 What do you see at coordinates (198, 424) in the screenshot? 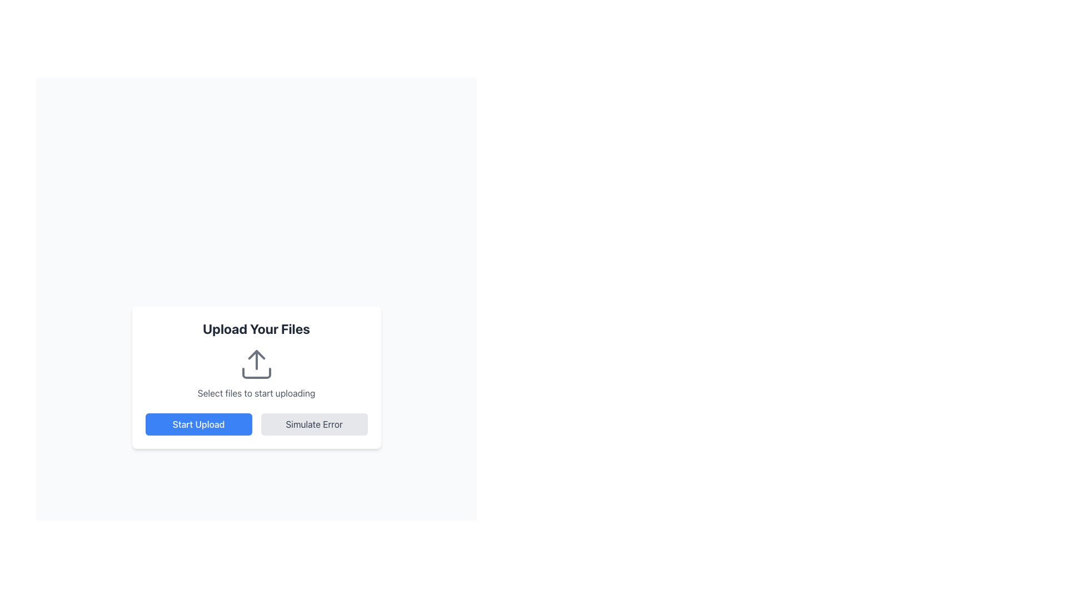
I see `the blue rectangular button labeled 'Start Upload'` at bounding box center [198, 424].